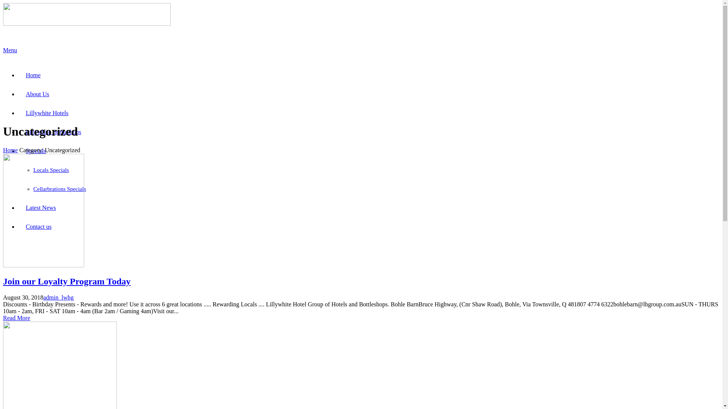  I want to click on 'Home', so click(10, 150).